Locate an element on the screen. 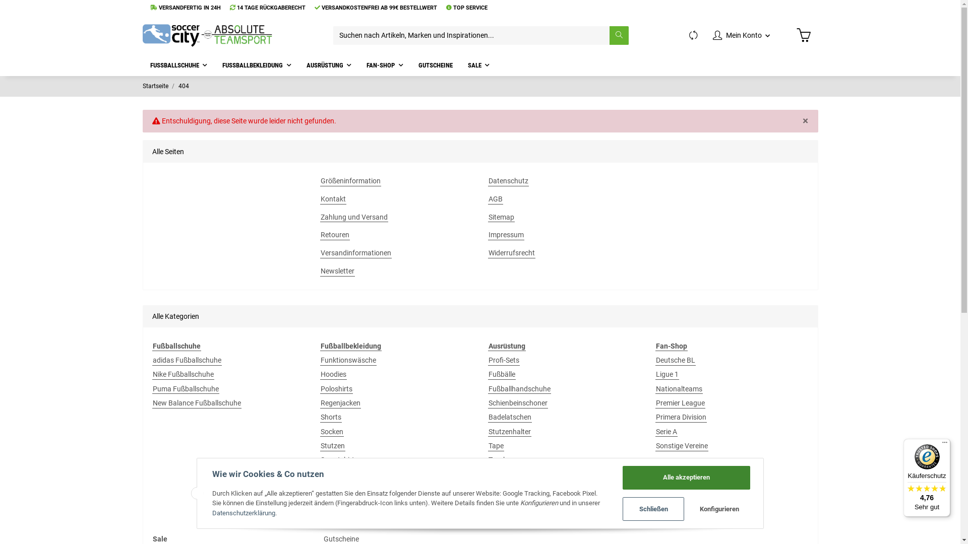 Image resolution: width=968 pixels, height=544 pixels. 'FUSSBALLBEKLEIDUNG' is located at coordinates (257, 65).